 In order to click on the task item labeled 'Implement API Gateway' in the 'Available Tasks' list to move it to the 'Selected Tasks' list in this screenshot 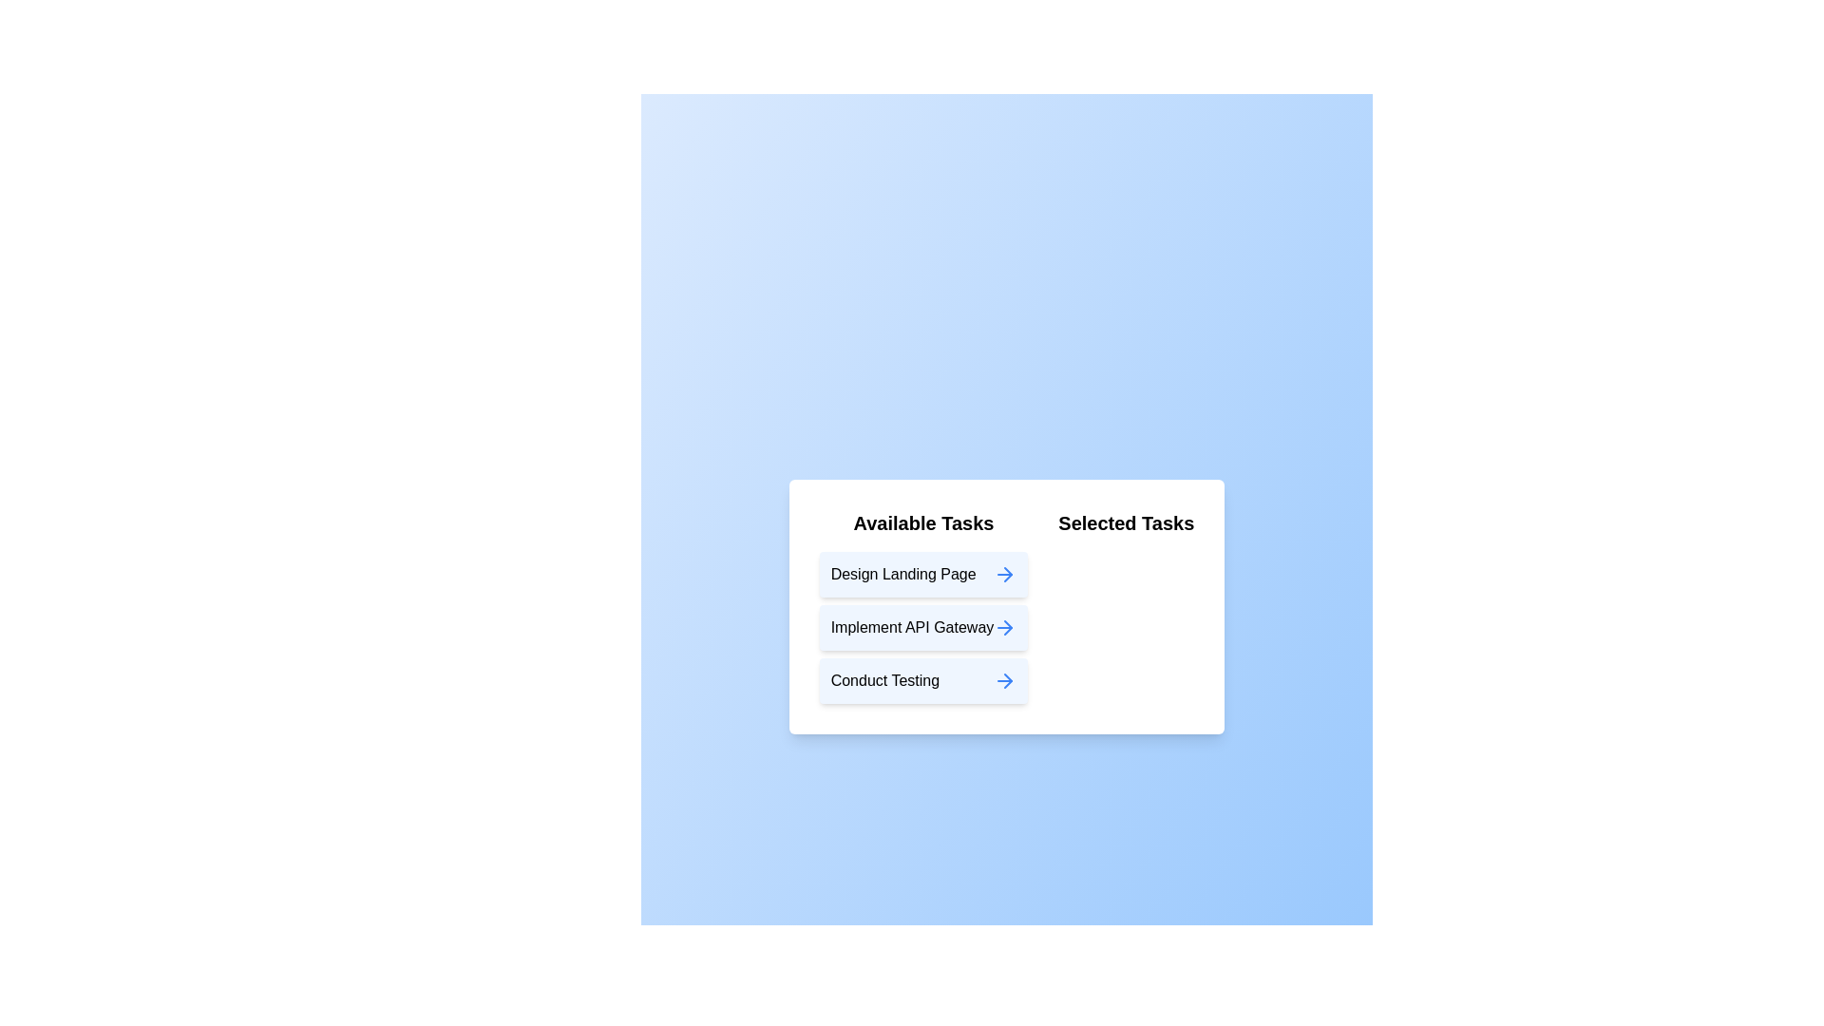, I will do `click(923, 627)`.